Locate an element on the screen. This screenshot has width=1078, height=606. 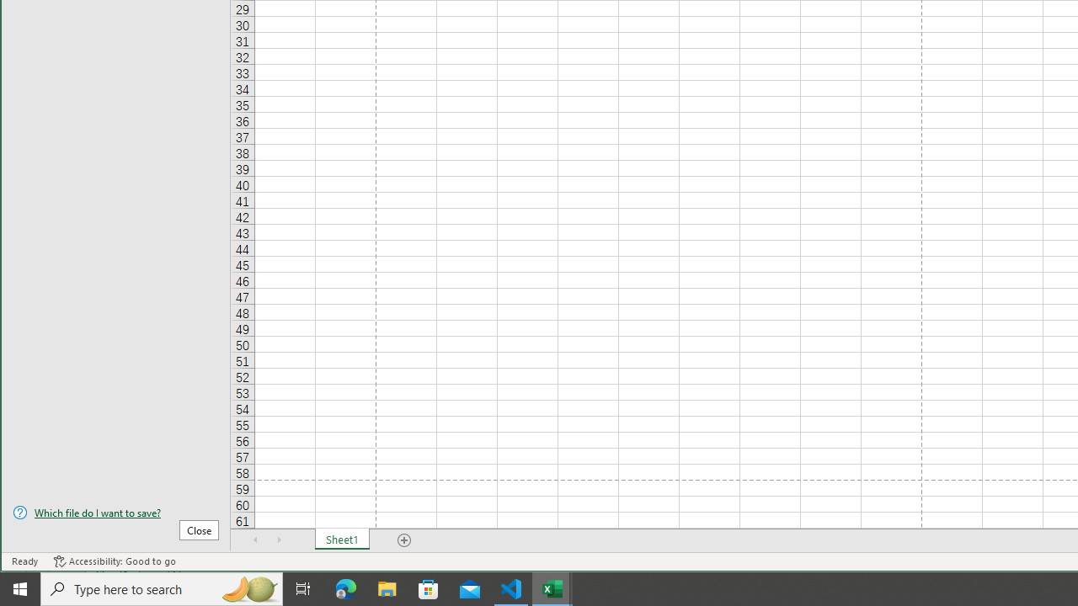
'Microsoft Edge' is located at coordinates (345, 587).